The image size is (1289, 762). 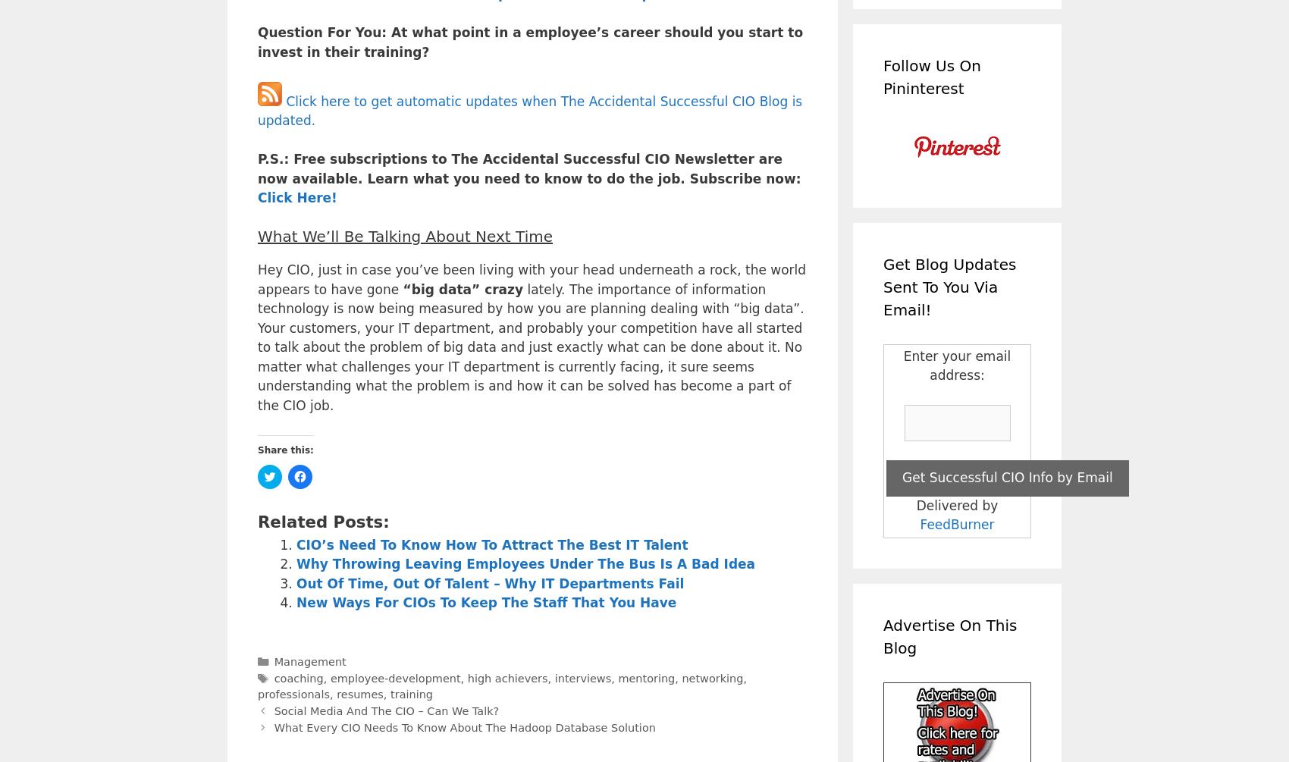 I want to click on 'What We’ll Be Talking About Next Time', so click(x=257, y=235).